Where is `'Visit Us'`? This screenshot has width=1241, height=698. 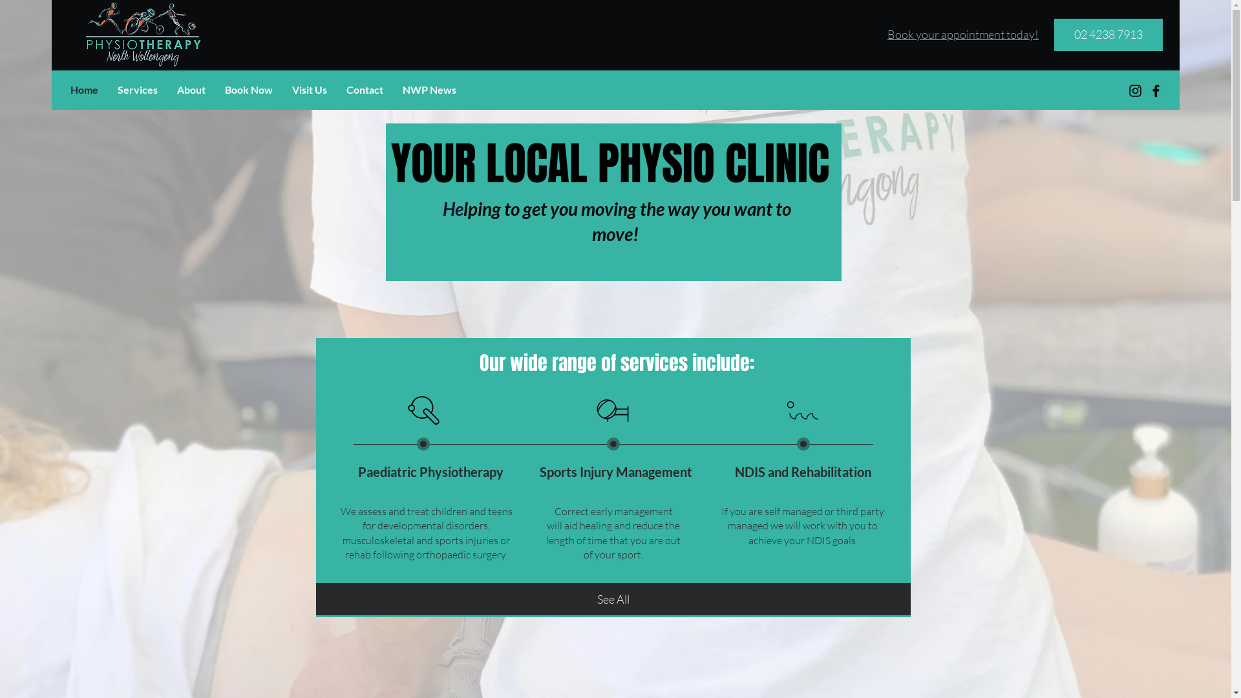
'Visit Us' is located at coordinates (309, 89).